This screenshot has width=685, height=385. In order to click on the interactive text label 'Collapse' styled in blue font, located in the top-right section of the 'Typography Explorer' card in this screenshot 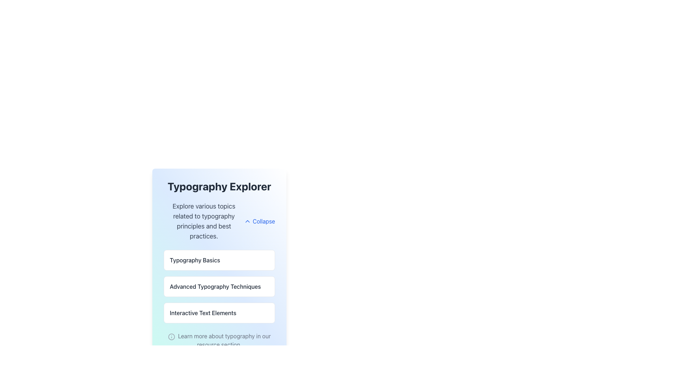, I will do `click(263, 221)`.